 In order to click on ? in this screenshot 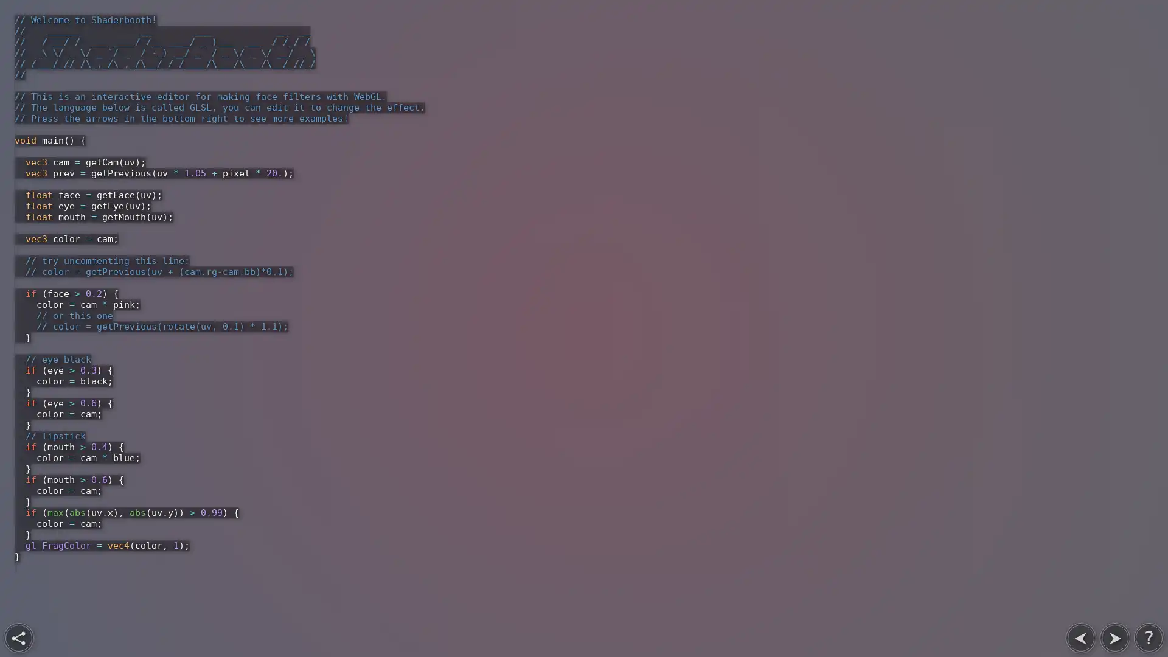, I will do `click(1149, 638)`.